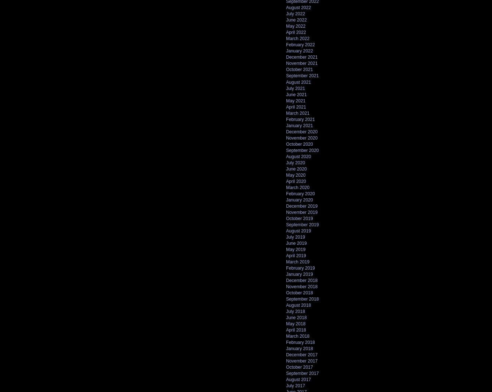 The height and width of the screenshot is (392, 492). Describe the element at coordinates (286, 373) in the screenshot. I see `'September 2017'` at that location.